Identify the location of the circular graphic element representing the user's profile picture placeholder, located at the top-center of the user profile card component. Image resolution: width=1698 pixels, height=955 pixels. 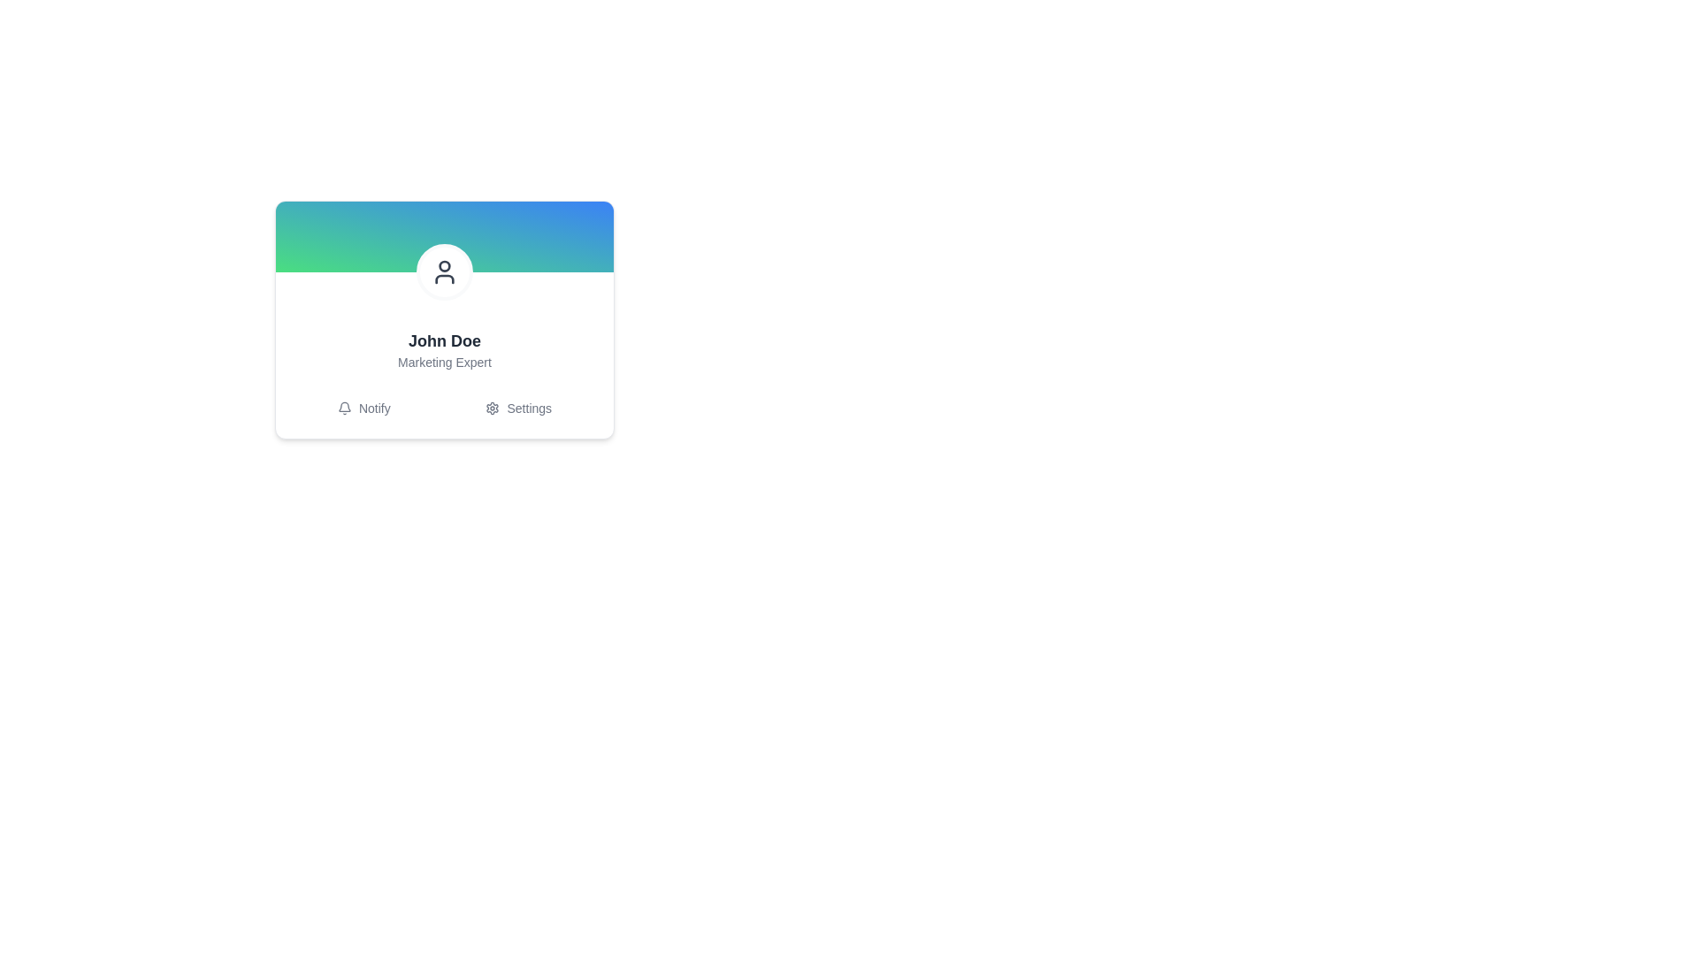
(445, 265).